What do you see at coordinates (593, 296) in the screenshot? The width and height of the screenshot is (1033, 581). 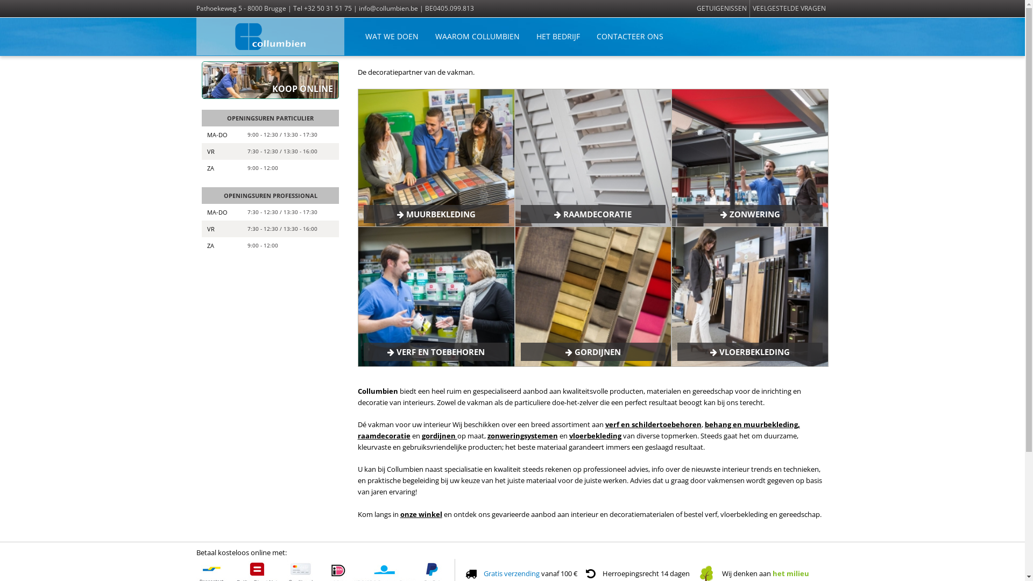 I see `'Gordijnen'` at bounding box center [593, 296].